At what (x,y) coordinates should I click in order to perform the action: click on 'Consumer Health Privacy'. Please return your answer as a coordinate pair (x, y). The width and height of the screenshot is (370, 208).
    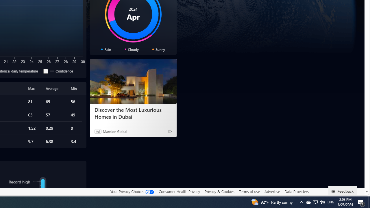
    Looking at the image, I should click on (179, 191).